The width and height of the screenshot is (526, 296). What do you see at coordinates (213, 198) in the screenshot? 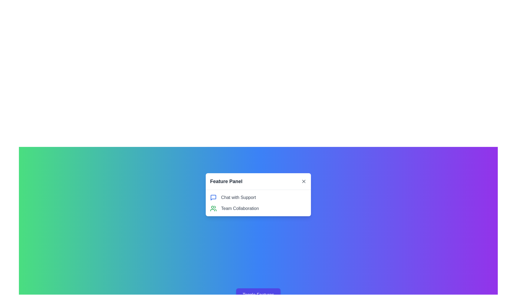
I see `the 'Chat with Support' icon located near the top left corner of the feature panel` at bounding box center [213, 198].